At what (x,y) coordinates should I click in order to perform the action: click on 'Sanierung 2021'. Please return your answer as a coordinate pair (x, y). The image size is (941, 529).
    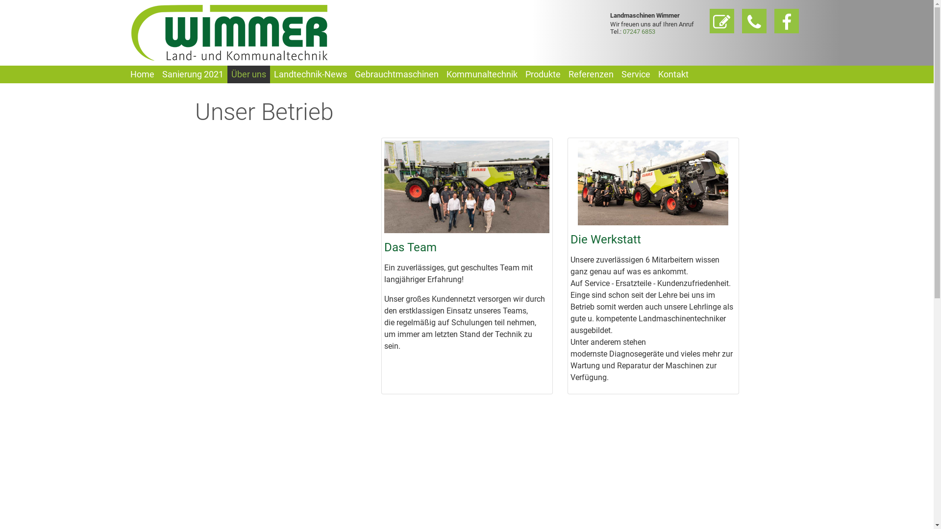
    Looking at the image, I should click on (192, 73).